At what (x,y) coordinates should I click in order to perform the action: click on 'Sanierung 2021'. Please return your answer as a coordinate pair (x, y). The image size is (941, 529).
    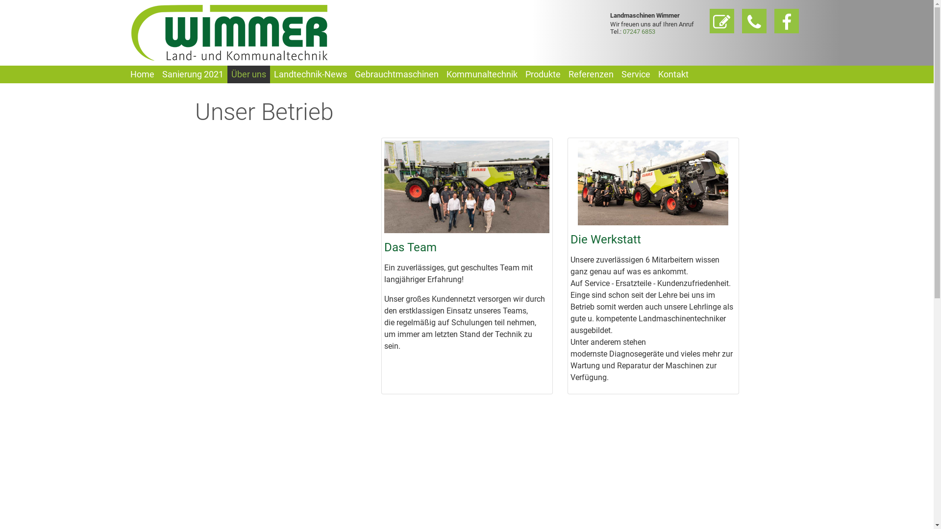
    Looking at the image, I should click on (192, 73).